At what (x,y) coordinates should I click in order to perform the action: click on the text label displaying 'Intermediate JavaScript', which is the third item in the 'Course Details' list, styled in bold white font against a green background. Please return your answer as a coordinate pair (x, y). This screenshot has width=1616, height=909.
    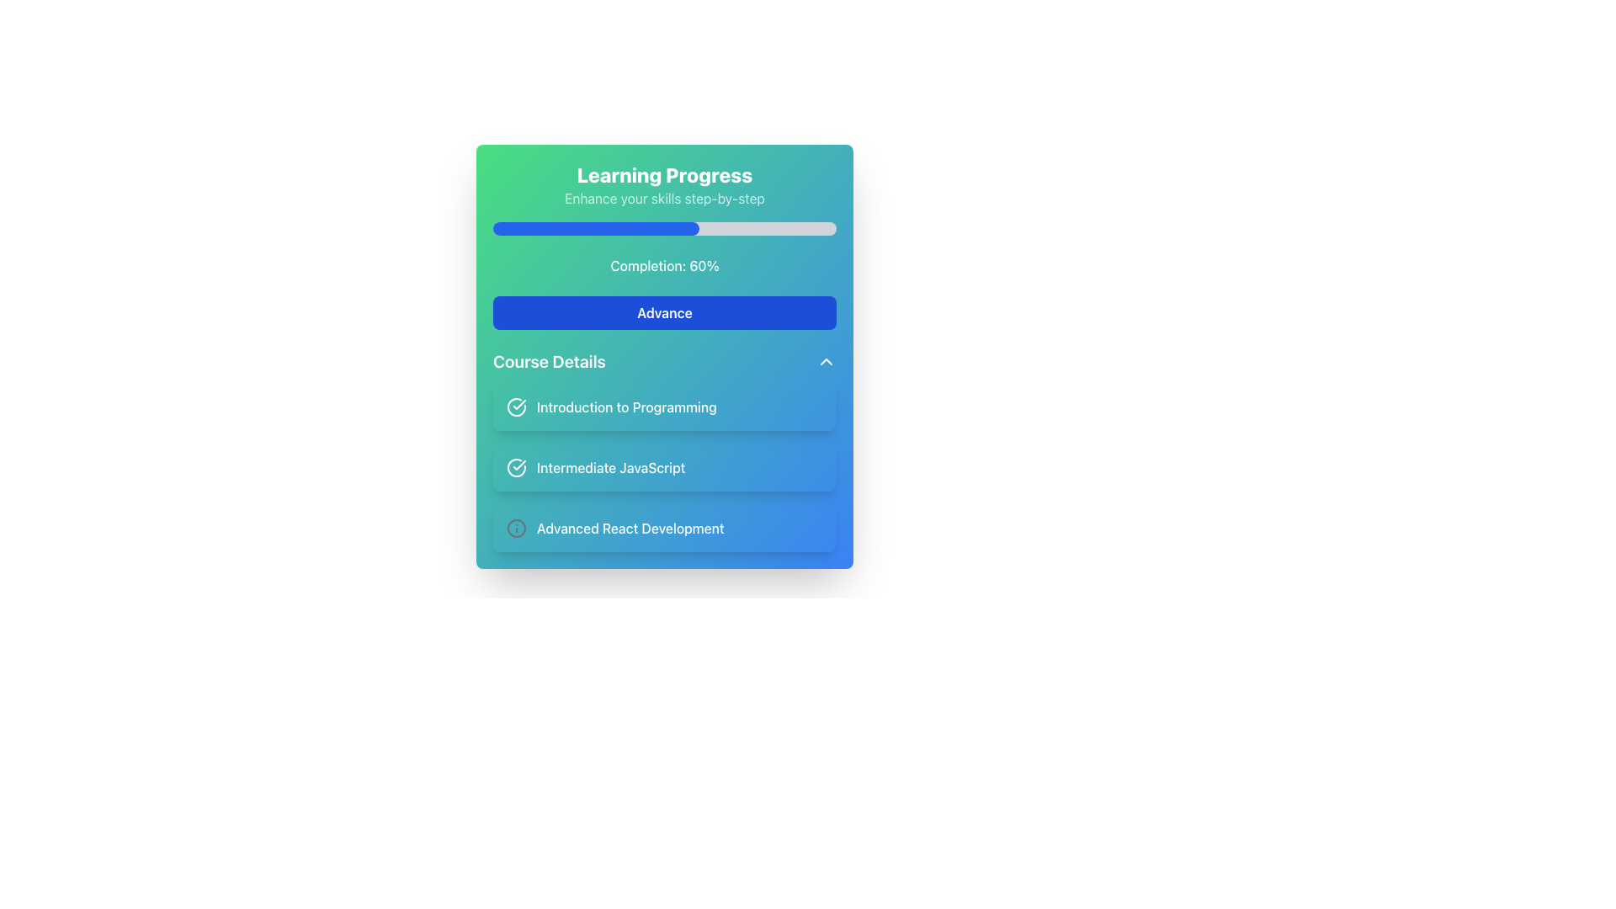
    Looking at the image, I should click on (610, 467).